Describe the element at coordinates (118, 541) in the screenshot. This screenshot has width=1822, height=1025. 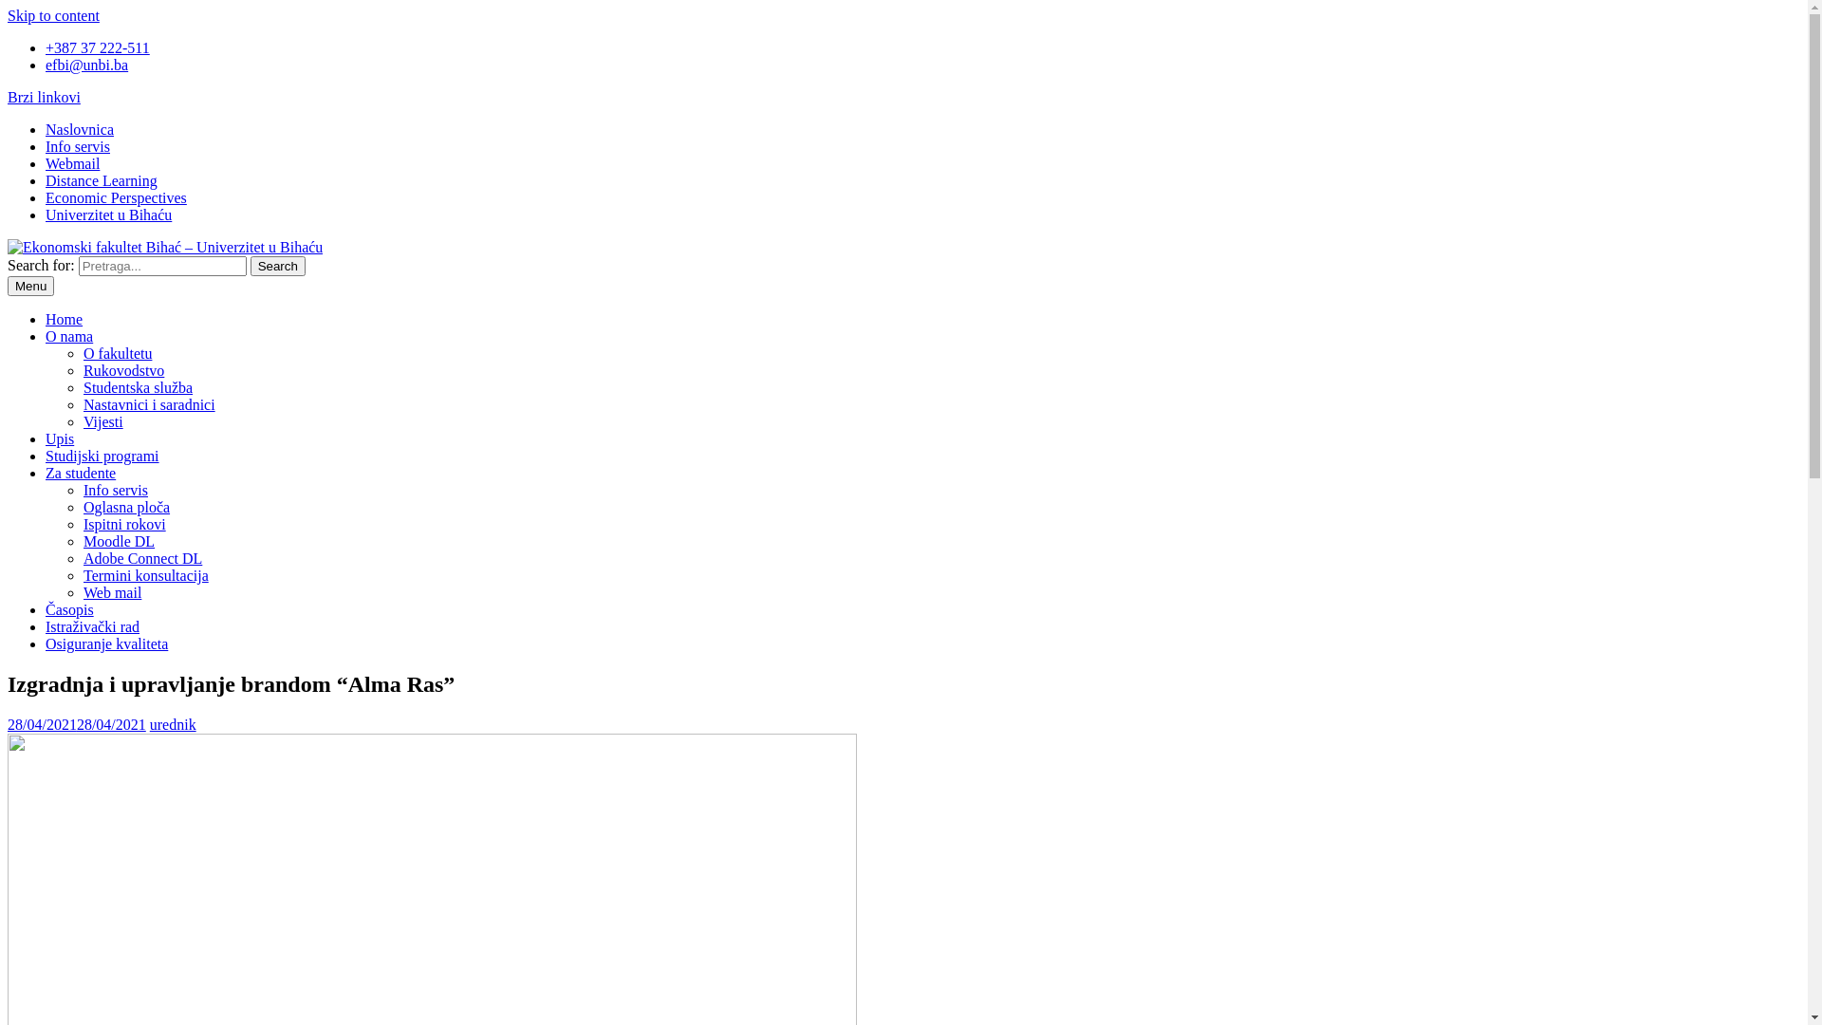
I see `'Moodle DL'` at that location.